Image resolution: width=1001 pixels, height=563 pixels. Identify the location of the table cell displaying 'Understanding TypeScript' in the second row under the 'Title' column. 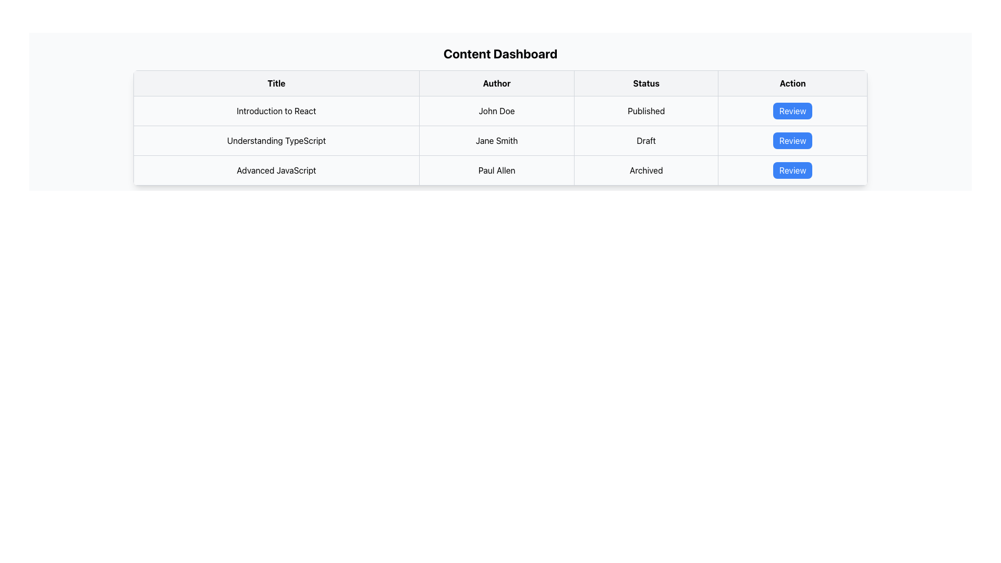
(276, 141).